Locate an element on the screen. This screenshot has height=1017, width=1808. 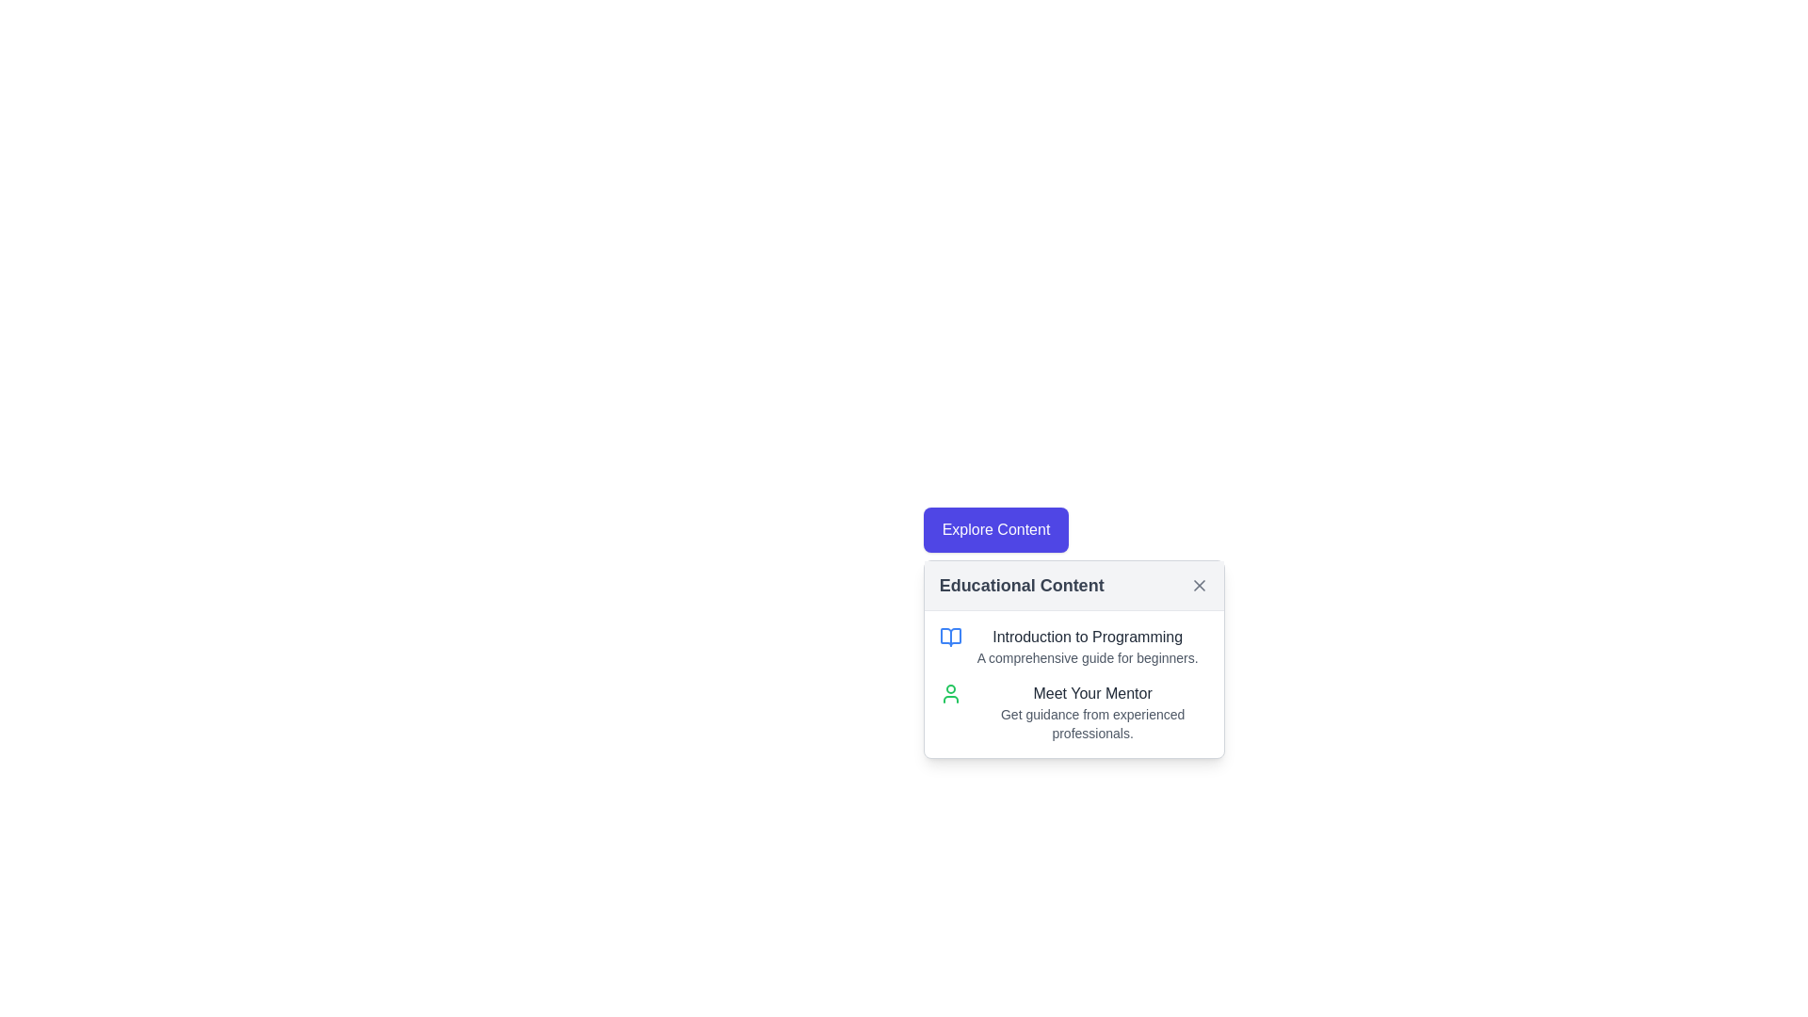
the green person icon in the informational block titled 'Meet Your Mentor' is located at coordinates (1073, 712).